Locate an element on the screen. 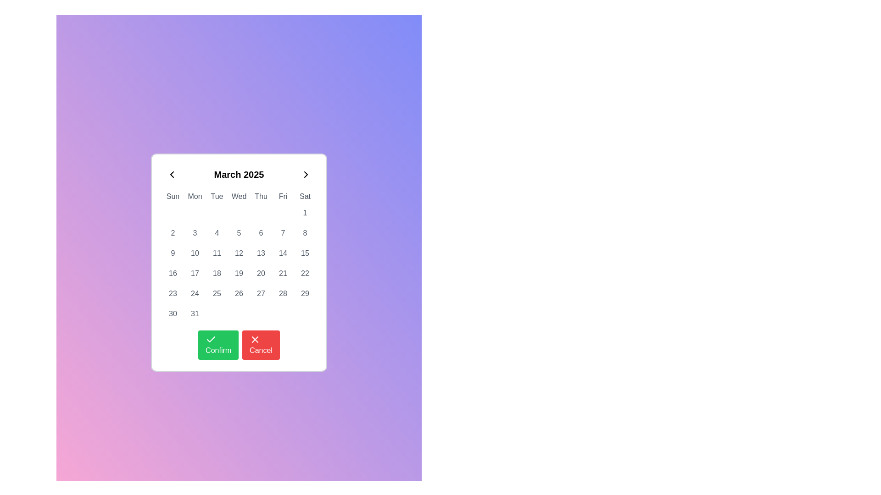 This screenshot has width=881, height=495. the circular button styled with 'hover:bg-gray-100' containing a left-pointing chevron icon, located at the far left of the header section of the calendar widget, to observe its hover effect is located at coordinates (172, 175).